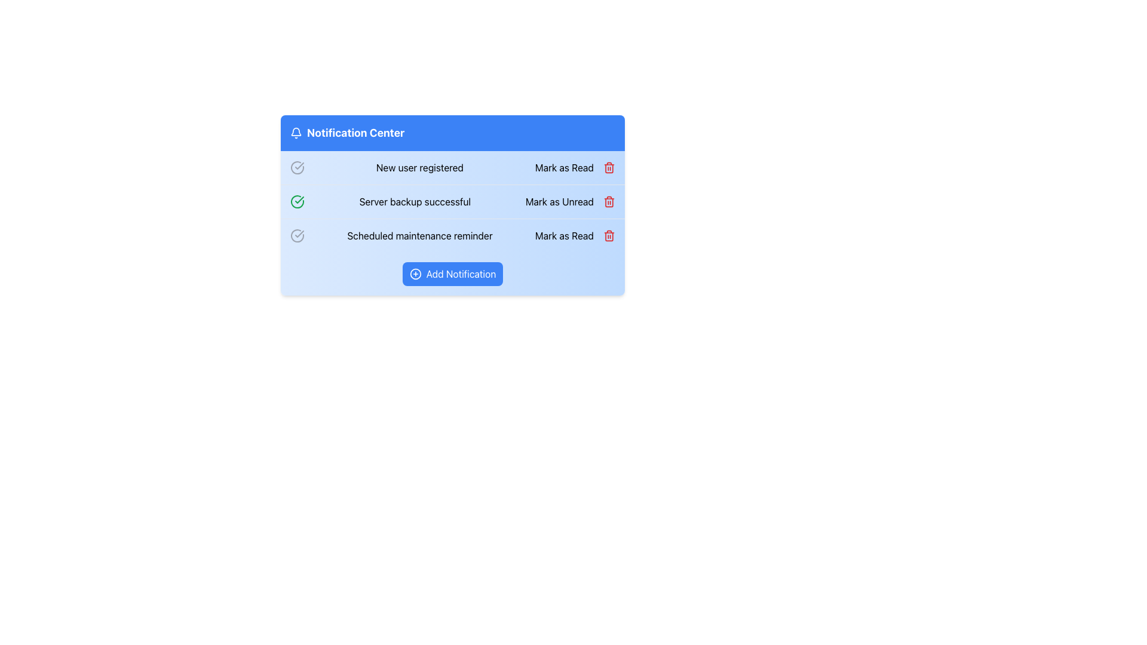  Describe the element at coordinates (609, 236) in the screenshot. I see `the trash icon located within the notification card for the 'Scheduled maintenance reminder'` at that location.